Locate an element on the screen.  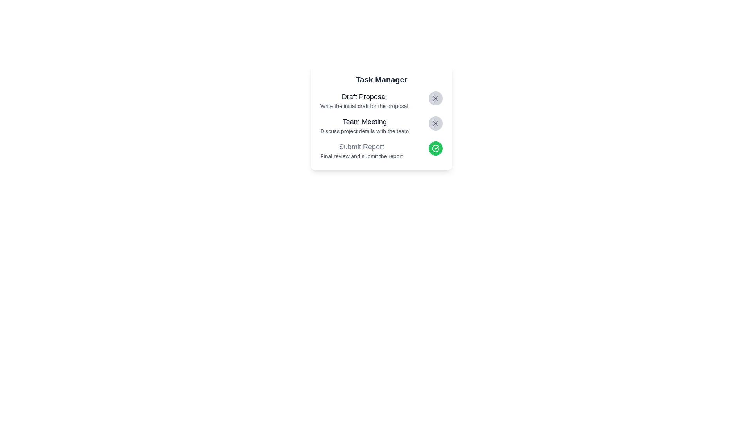
the circular green button with a white checkmark icon located to the right of the 'Submit Report' task text in the 'Task Manager' section to mark the task as complete is located at coordinates (435, 148).